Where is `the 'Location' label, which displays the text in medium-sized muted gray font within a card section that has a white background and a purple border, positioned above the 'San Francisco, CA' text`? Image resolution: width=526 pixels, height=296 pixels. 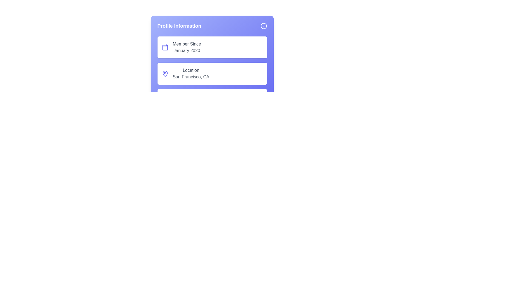 the 'Location' label, which displays the text in medium-sized muted gray font within a card section that has a white background and a purple border, positioned above the 'San Francisco, CA' text is located at coordinates (191, 70).